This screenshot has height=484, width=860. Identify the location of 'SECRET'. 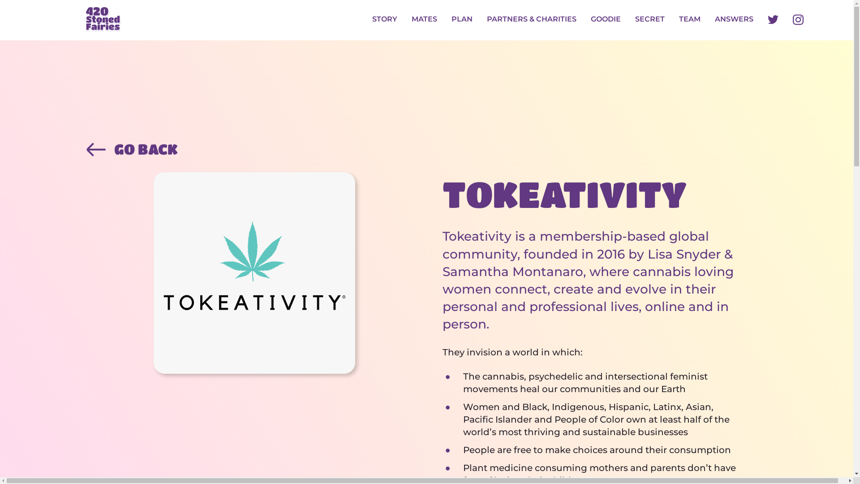
(634, 20).